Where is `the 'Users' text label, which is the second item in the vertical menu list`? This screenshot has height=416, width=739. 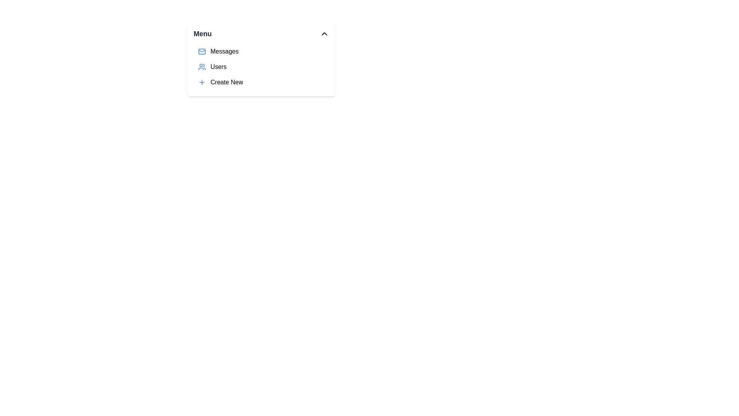 the 'Users' text label, which is the second item in the vertical menu list is located at coordinates (218, 66).